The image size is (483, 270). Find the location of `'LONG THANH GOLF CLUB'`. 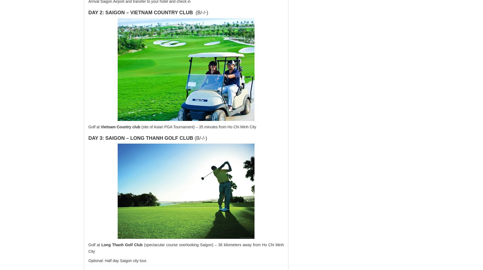

'LONG THANH GOLF CLUB' is located at coordinates (161, 138).